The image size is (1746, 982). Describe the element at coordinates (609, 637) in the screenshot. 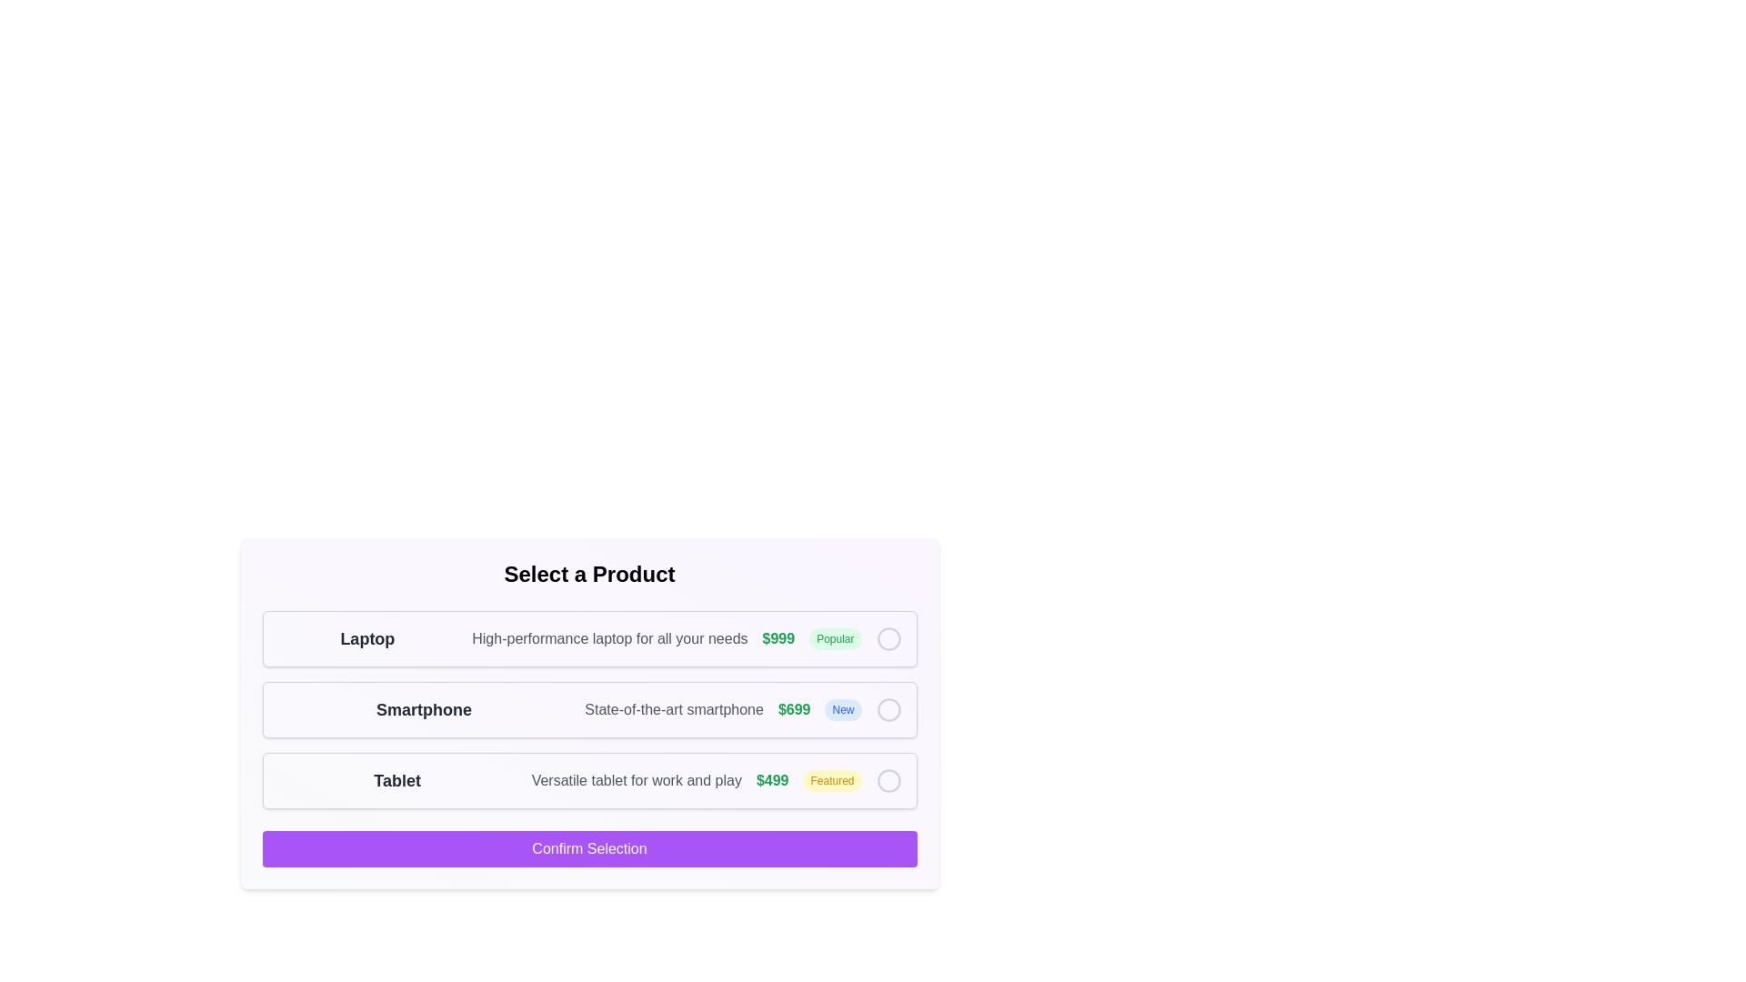

I see `the text description providing additional information about the highlighted product, which is situated to the right of 'Laptop' and to the left of '$999' and 'Popular'` at that location.